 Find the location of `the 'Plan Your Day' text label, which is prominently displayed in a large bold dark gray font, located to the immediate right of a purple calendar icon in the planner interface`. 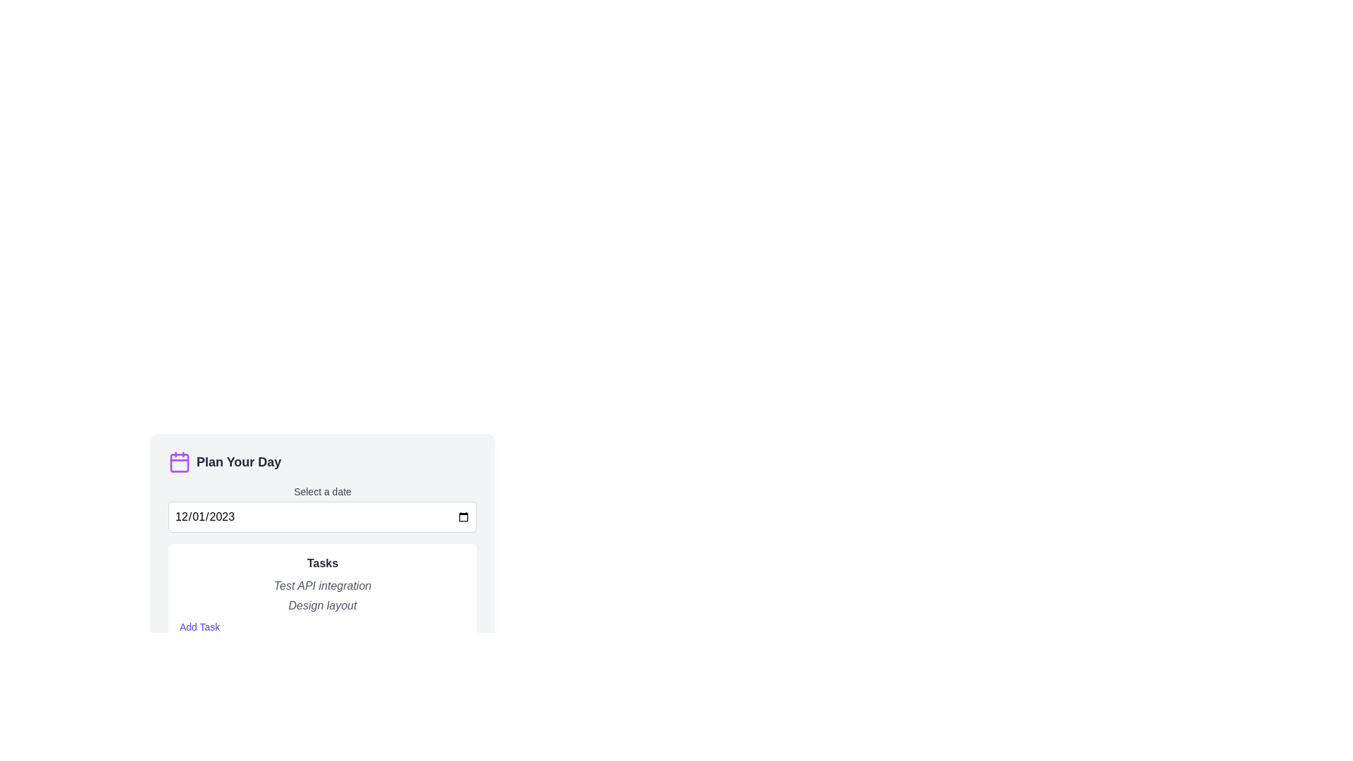

the 'Plan Your Day' text label, which is prominently displayed in a large bold dark gray font, located to the immediate right of a purple calendar icon in the planner interface is located at coordinates (239, 462).